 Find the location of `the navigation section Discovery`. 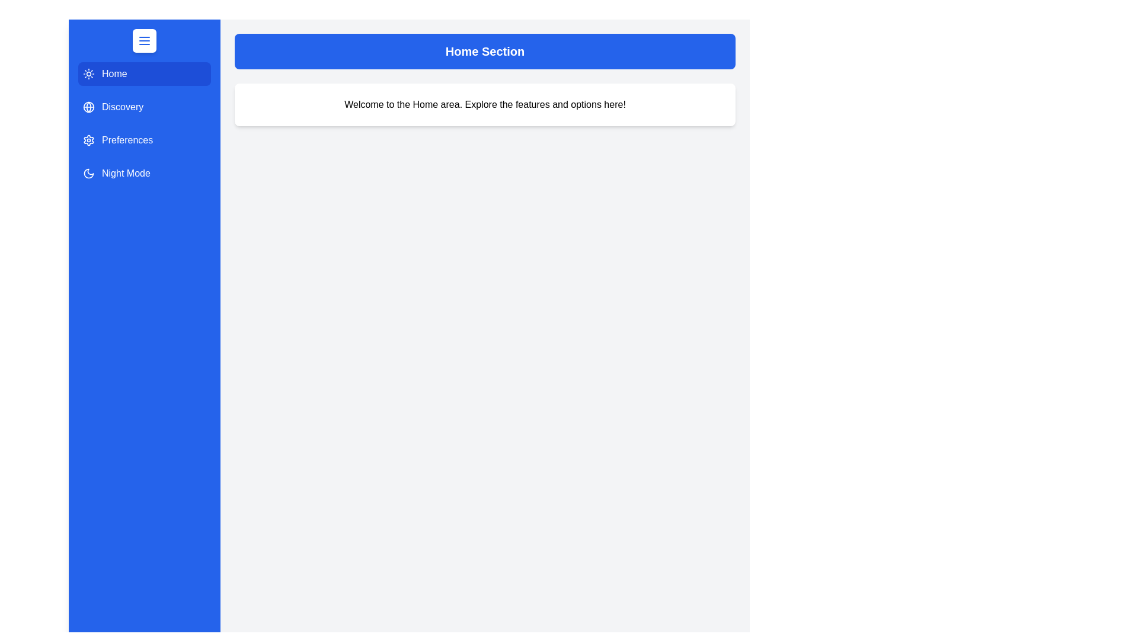

the navigation section Discovery is located at coordinates (144, 107).